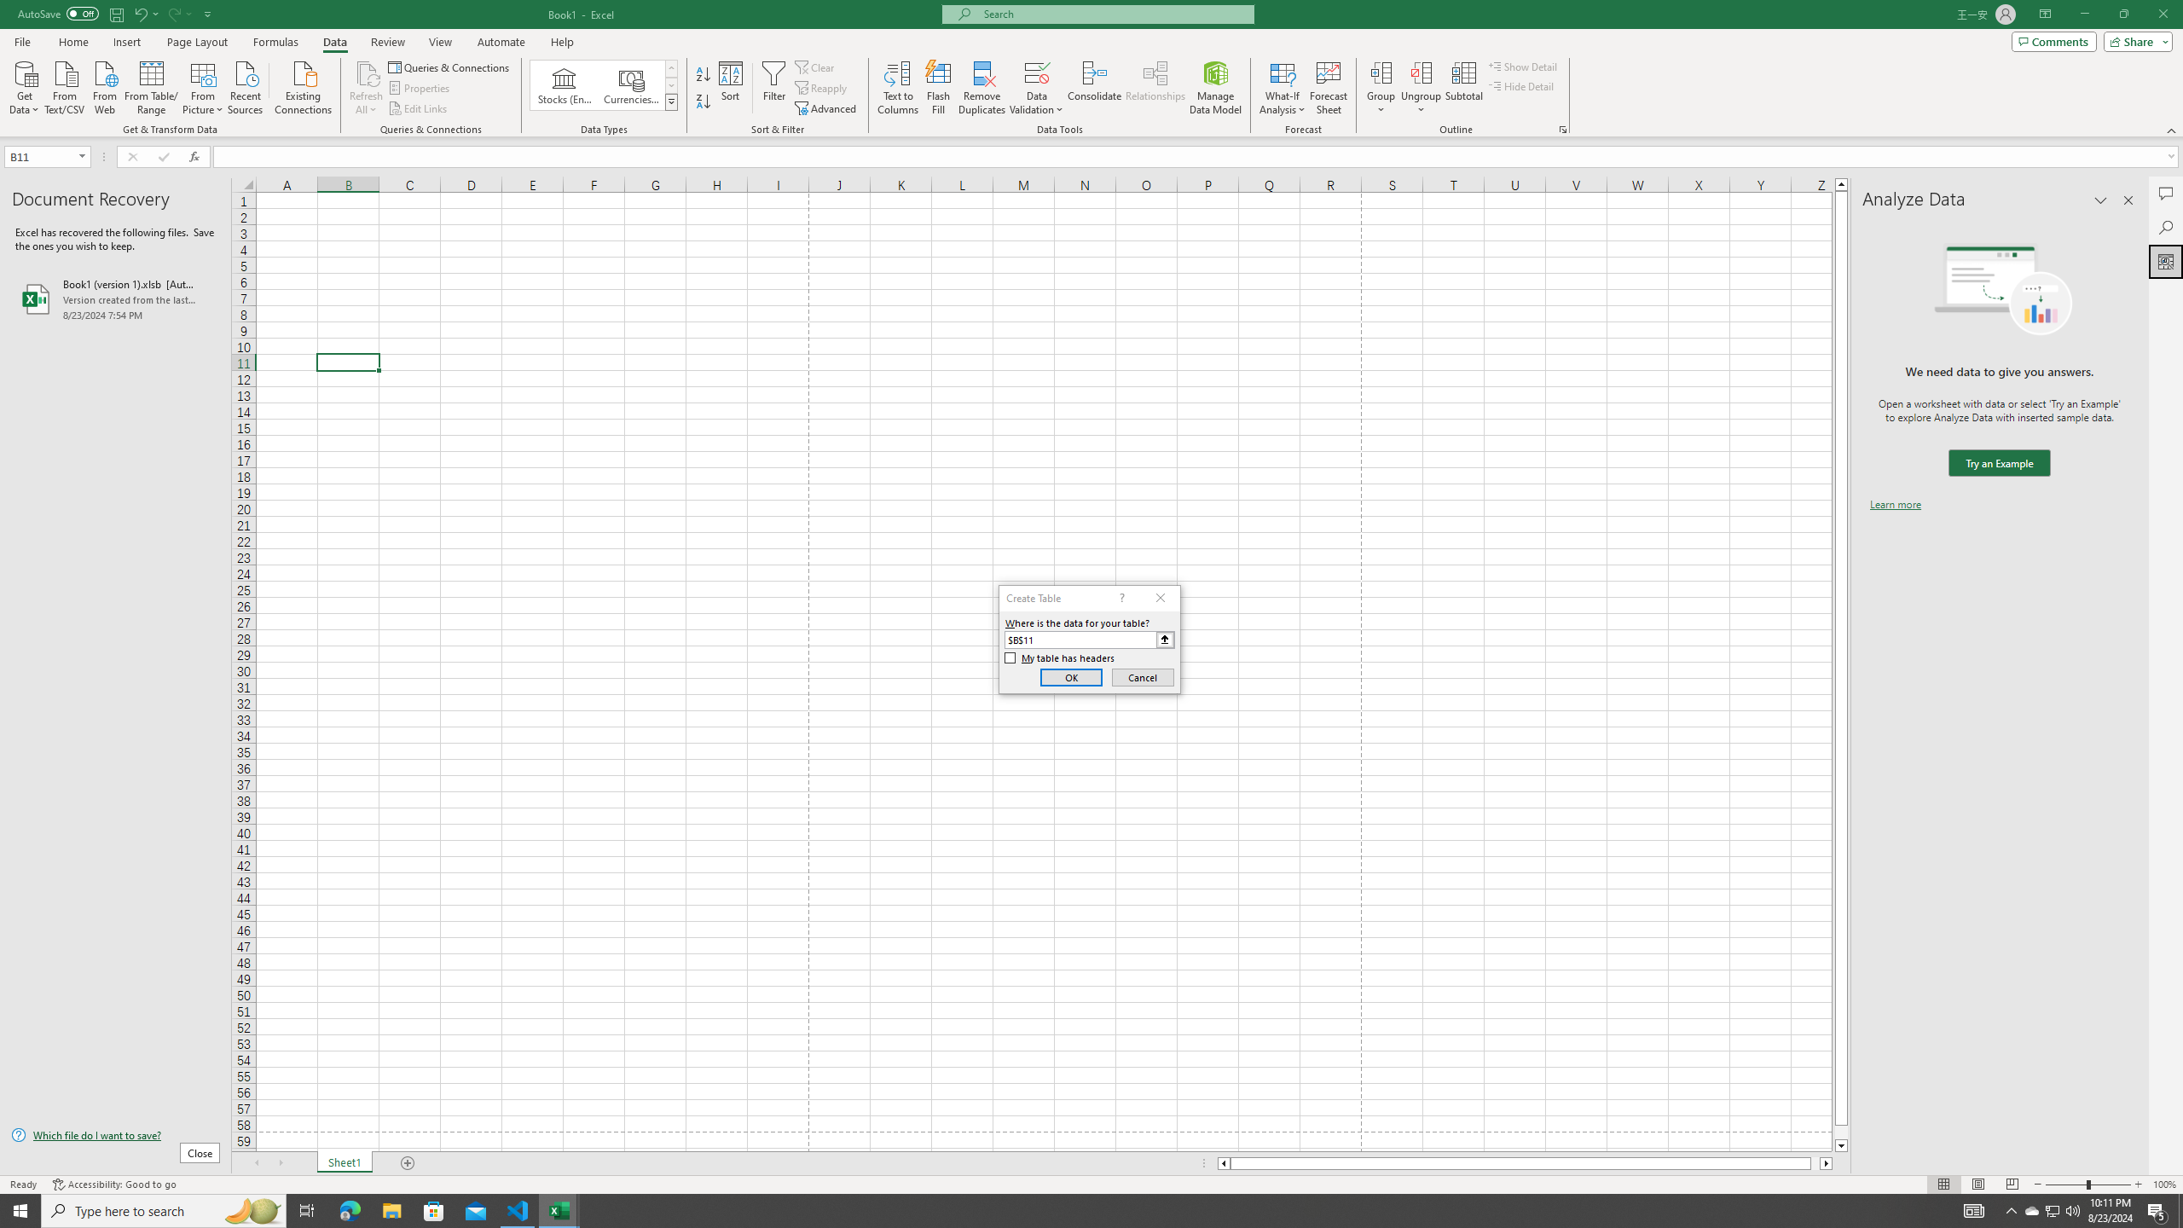  I want to click on 'Which file do I want to save?', so click(114, 1136).